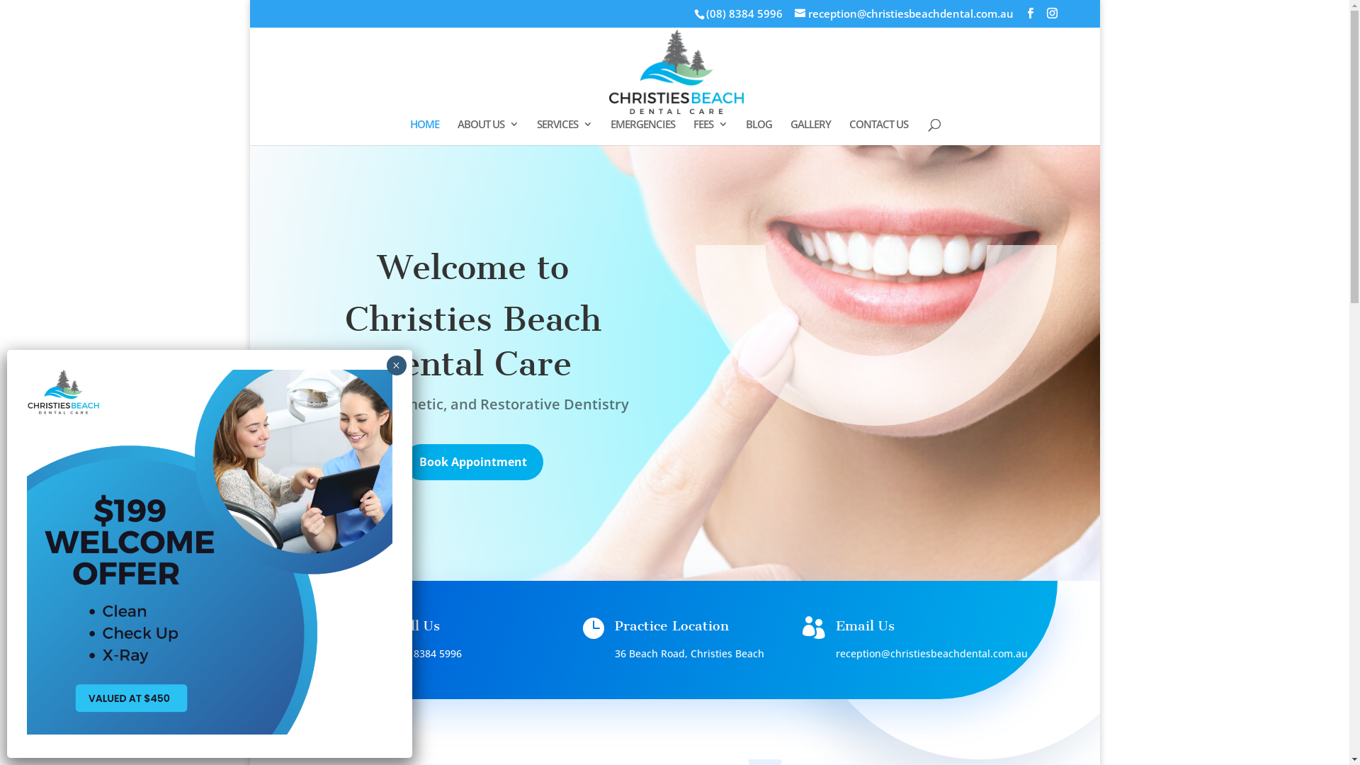  I want to click on 'GALLERY', so click(790, 132).